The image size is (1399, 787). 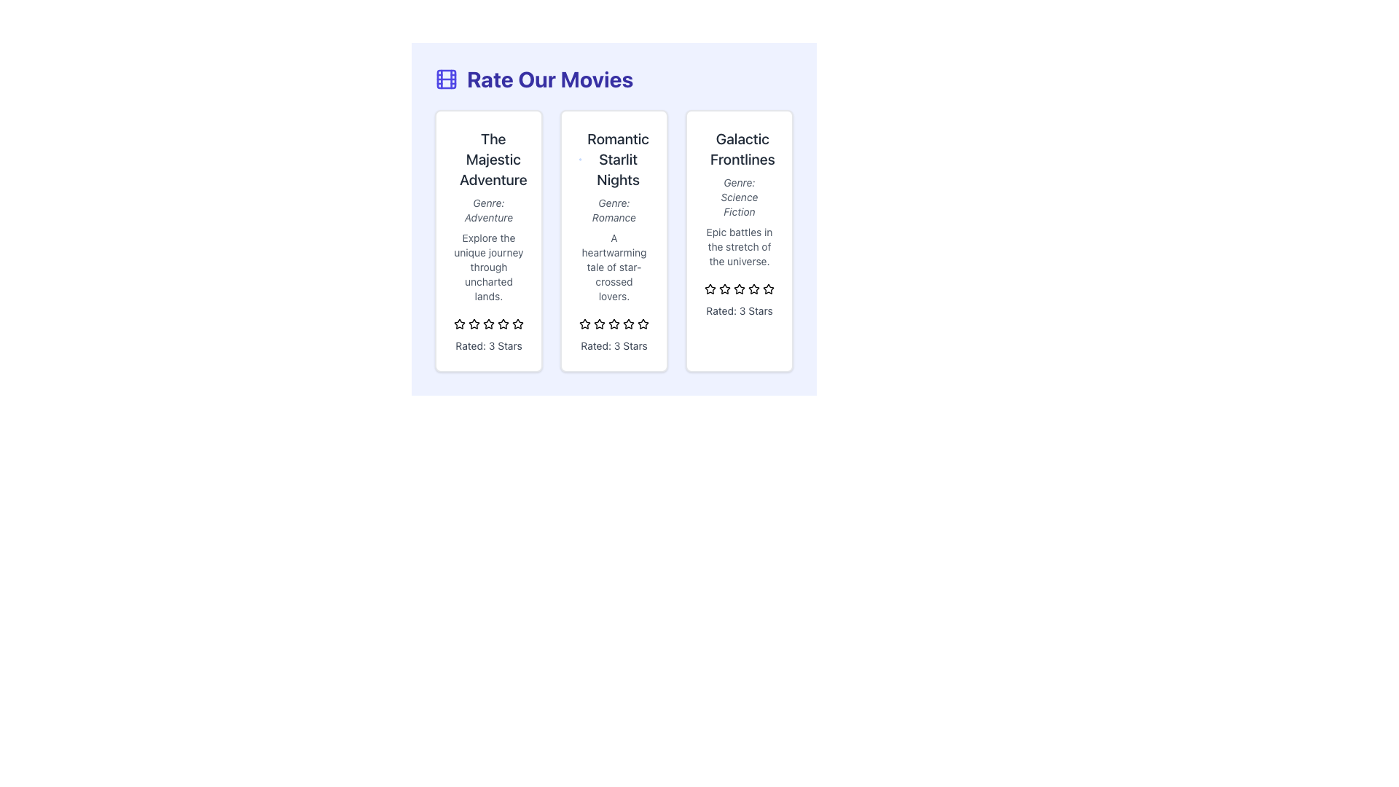 What do you see at coordinates (739, 289) in the screenshot?
I see `the third star icon in the movie rating row for 'Galactic Frontlines', which is filled with yellow color` at bounding box center [739, 289].